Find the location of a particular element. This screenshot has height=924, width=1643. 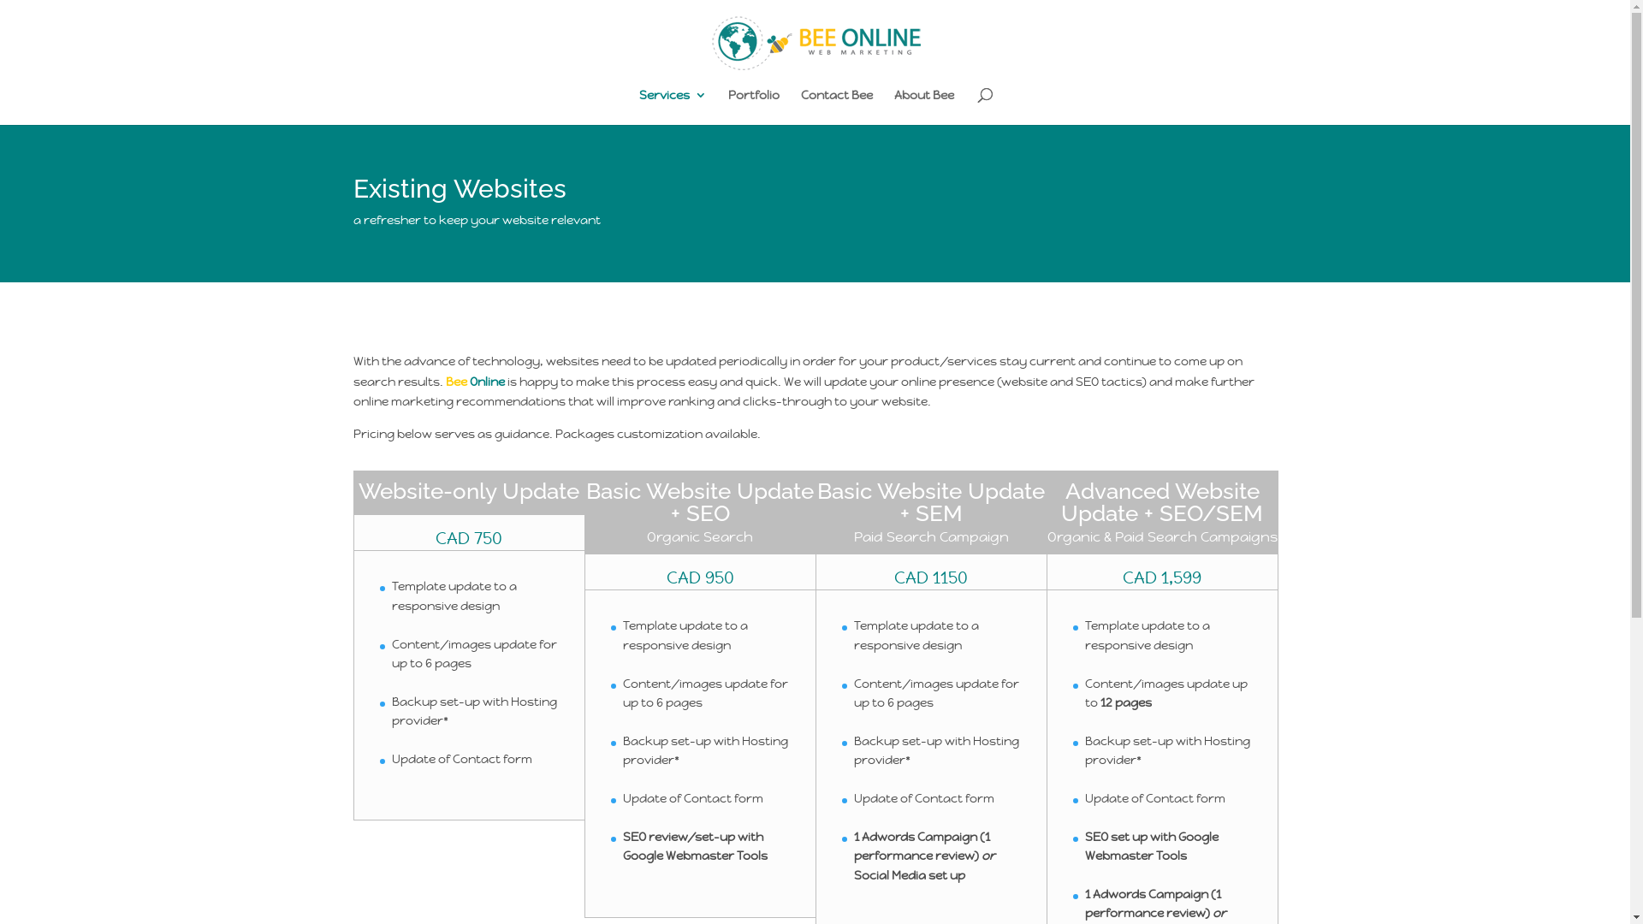

'Portfolio' is located at coordinates (727, 106).